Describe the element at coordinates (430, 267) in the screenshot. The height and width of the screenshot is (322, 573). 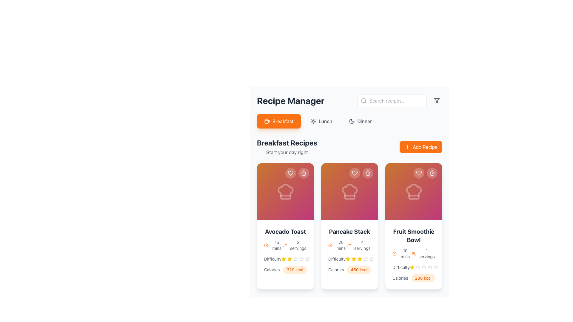
I see `the fifth star` at that location.